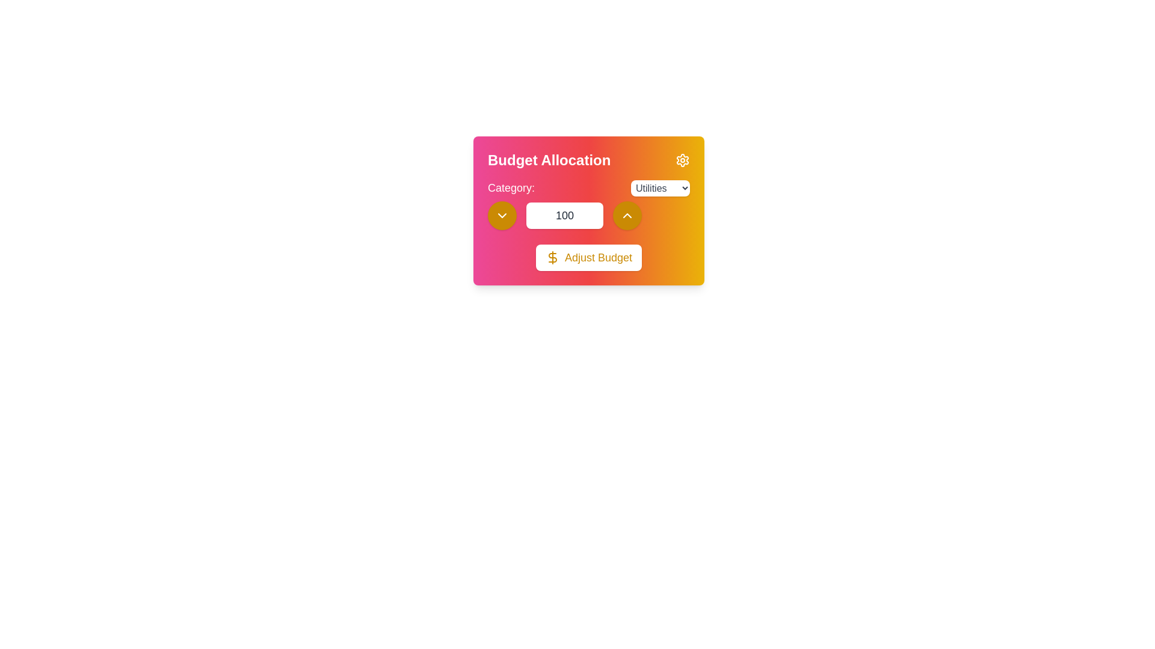  What do you see at coordinates (511, 187) in the screenshot?
I see `the label displaying 'Category:' which is aligned to the left of the dropdown menu under 'Budget Allocation'` at bounding box center [511, 187].